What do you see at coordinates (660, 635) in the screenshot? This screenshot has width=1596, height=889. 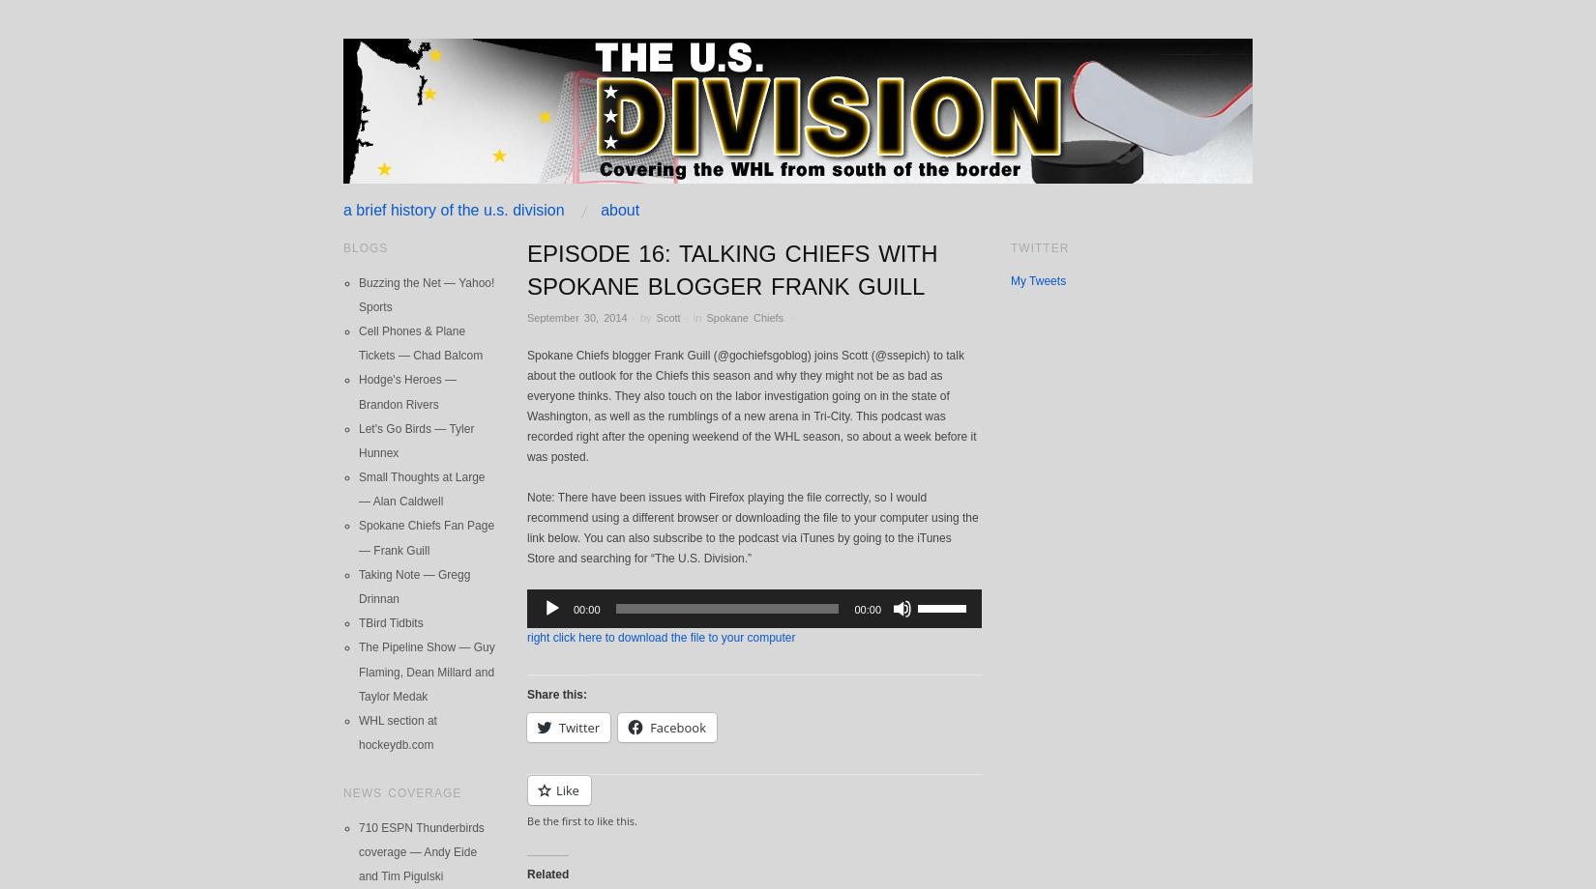 I see `'right click here to download the file to your computer'` at bounding box center [660, 635].